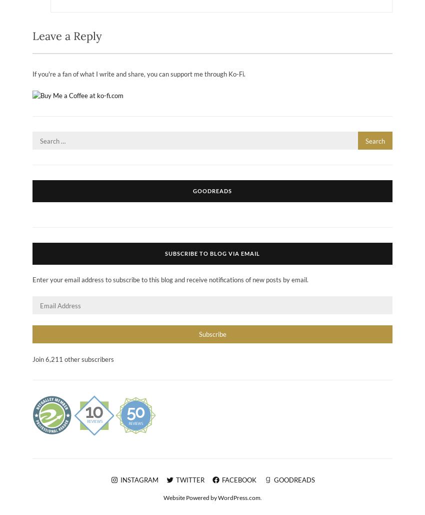 Image resolution: width=425 pixels, height=515 pixels. What do you see at coordinates (260, 496) in the screenshot?
I see `'.'` at bounding box center [260, 496].